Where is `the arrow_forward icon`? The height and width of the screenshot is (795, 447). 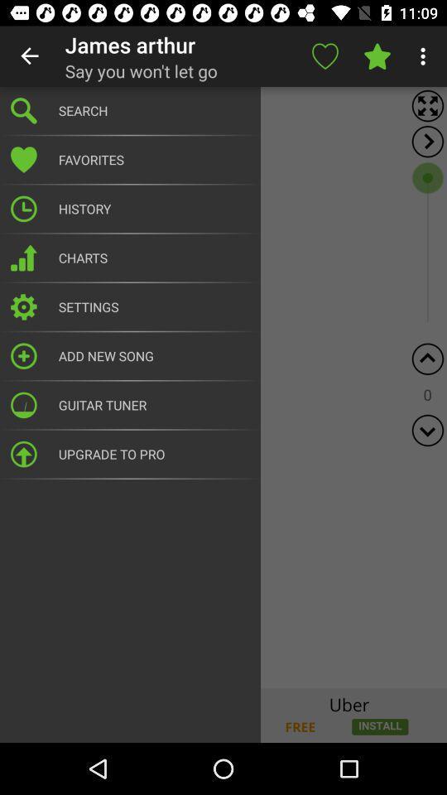
the arrow_forward icon is located at coordinates (427, 141).